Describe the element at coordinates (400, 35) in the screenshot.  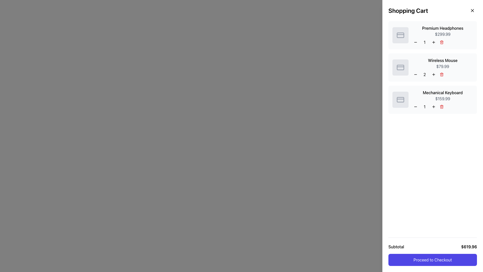
I see `the light gray rectangular decoration with rounded corners that is part of the credit card icon, located to the left of the text 'Premium Headphones $299.99' in the shopping cart list` at that location.